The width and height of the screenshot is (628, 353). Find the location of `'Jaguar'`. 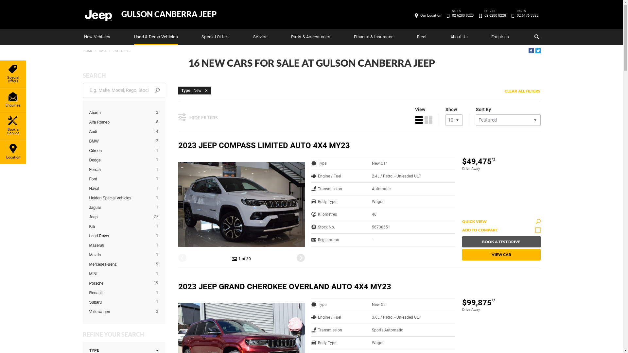

'Jaguar' is located at coordinates (89, 208).